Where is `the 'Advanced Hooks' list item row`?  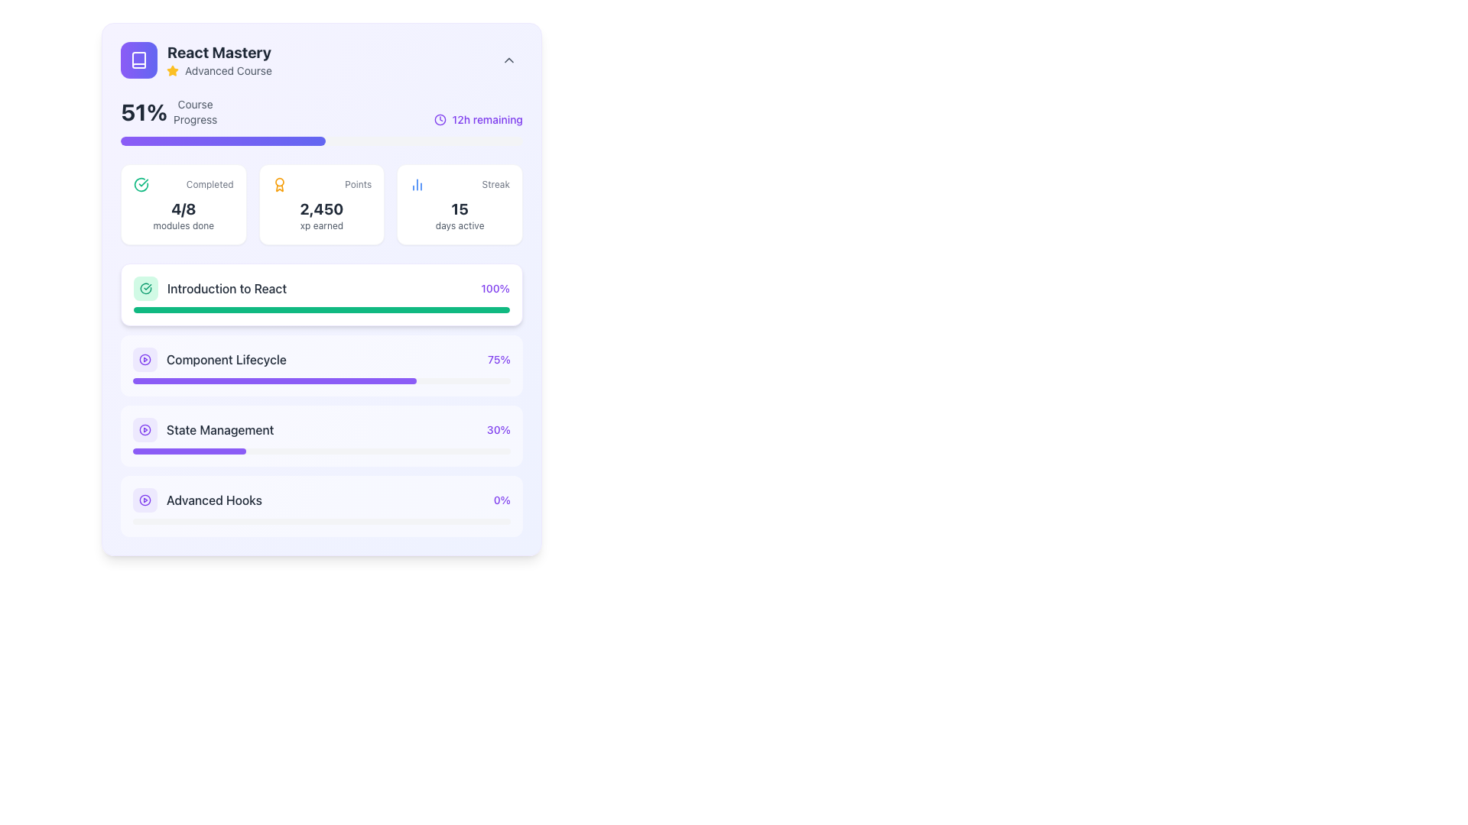
the 'Advanced Hooks' list item row is located at coordinates (196, 500).